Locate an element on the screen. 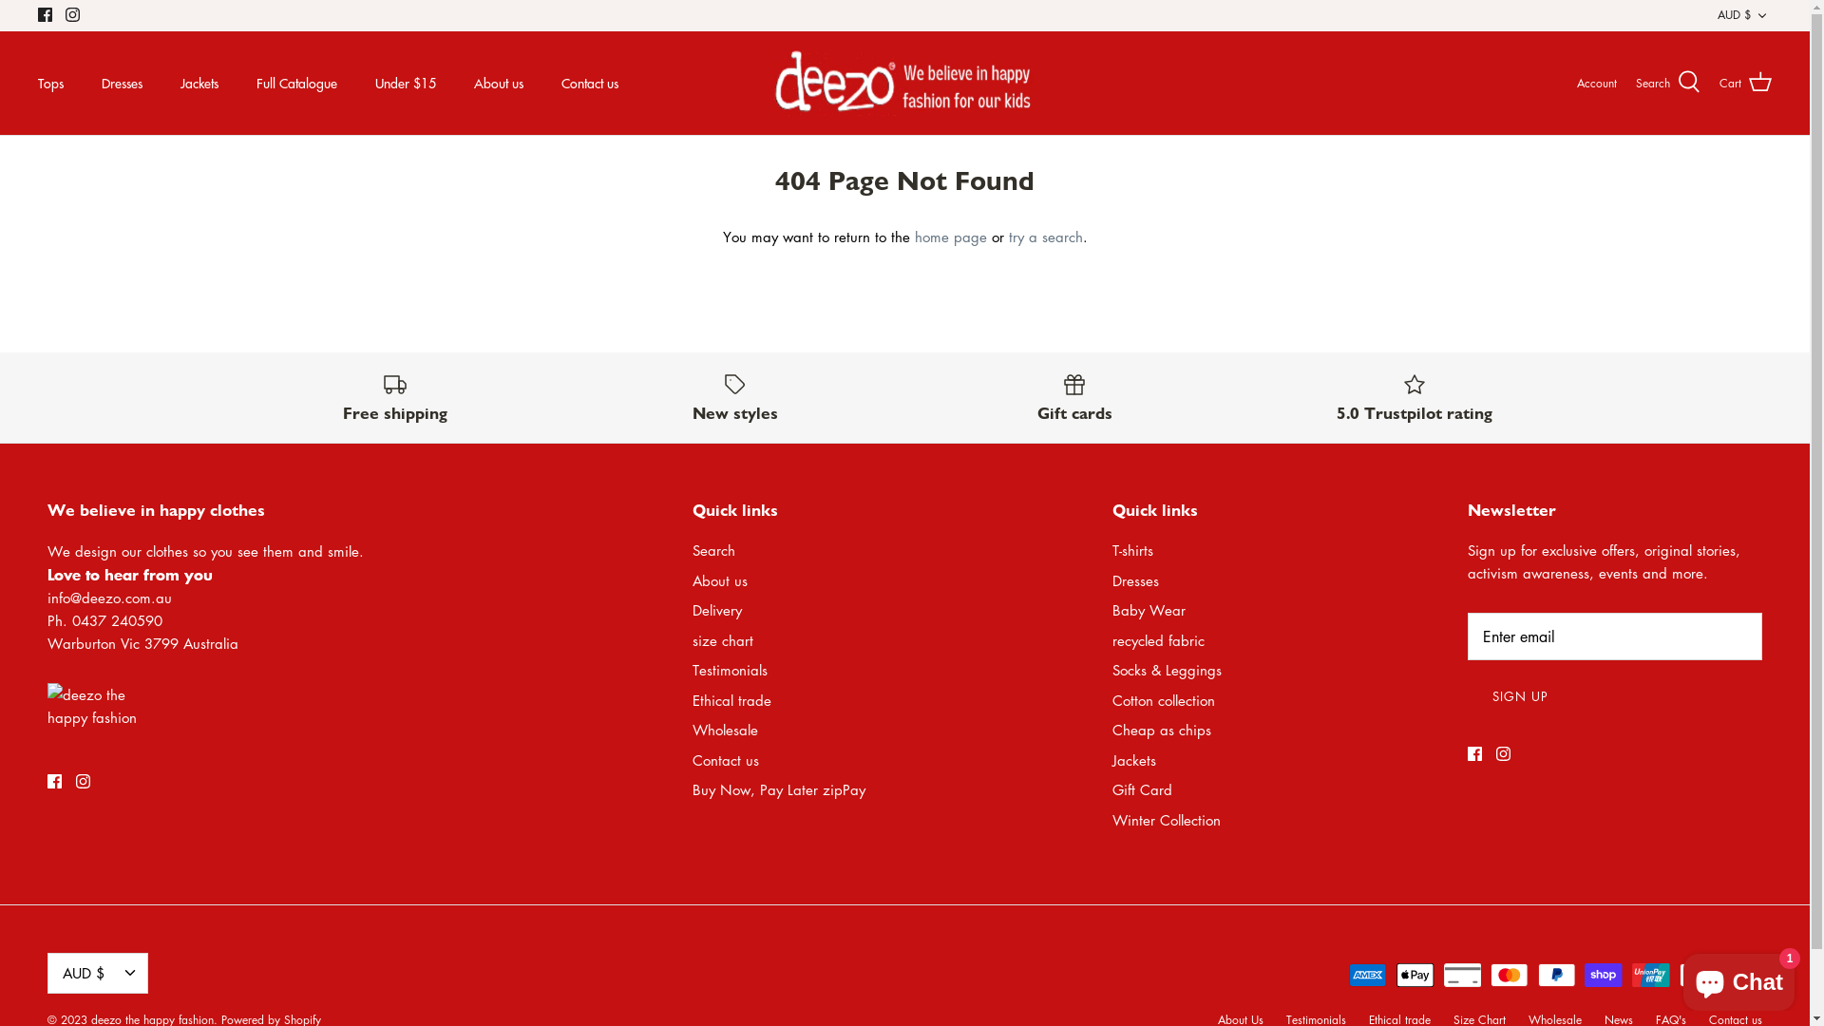 The height and width of the screenshot is (1026, 1824). 'Jackets' is located at coordinates (1134, 758).